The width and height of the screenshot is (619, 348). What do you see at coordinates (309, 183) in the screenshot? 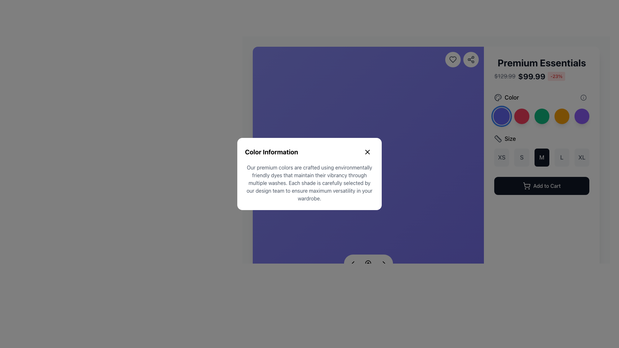
I see `text content of the paragraph section within the modal labeled 'Color Information', located below the header and close button` at bounding box center [309, 183].